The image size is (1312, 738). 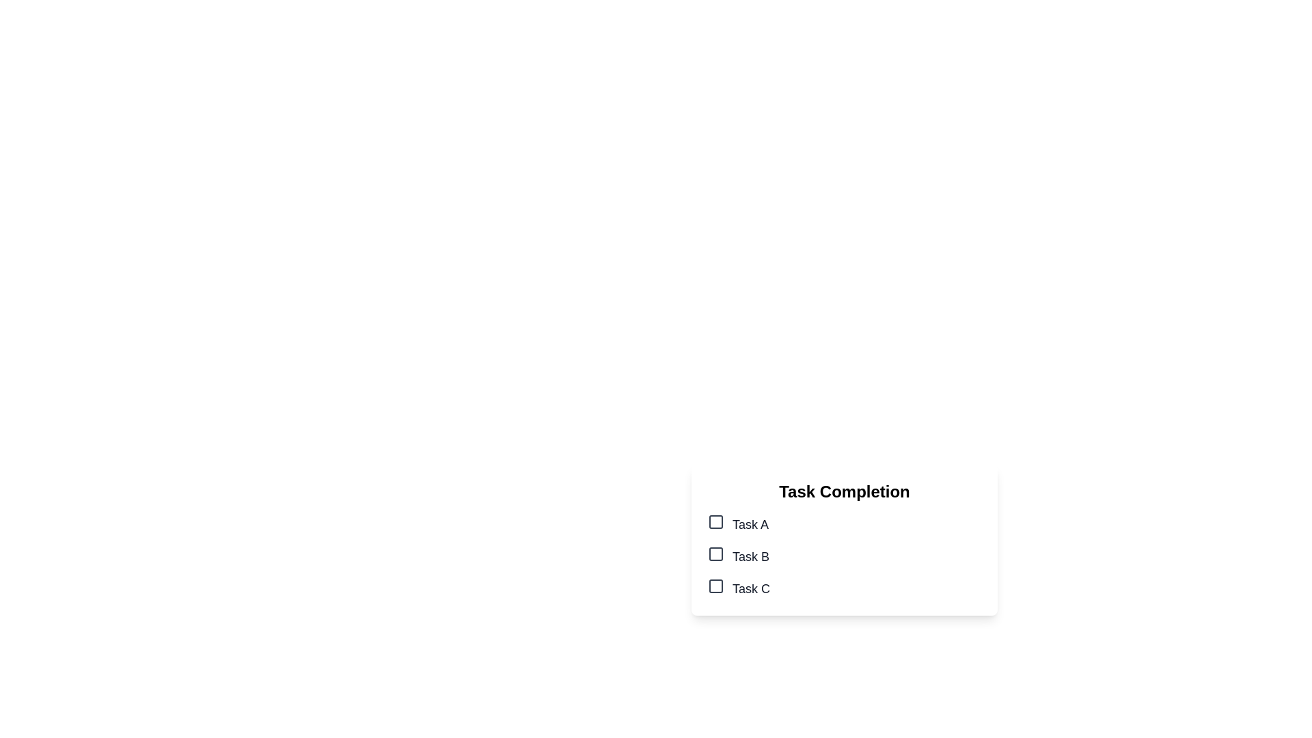 I want to click on the checkbox located to the left of the label 'Task B' under 'Task Completion', so click(x=715, y=556).